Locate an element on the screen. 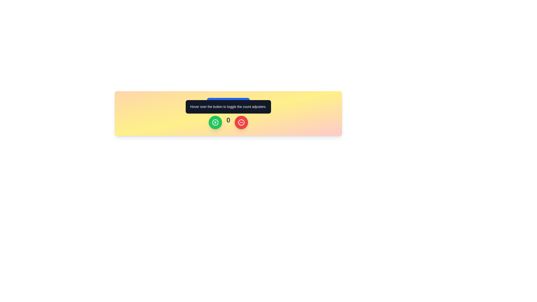  the first button on the left in the row containing a green button, a number '0', and a red button is located at coordinates (215, 122).